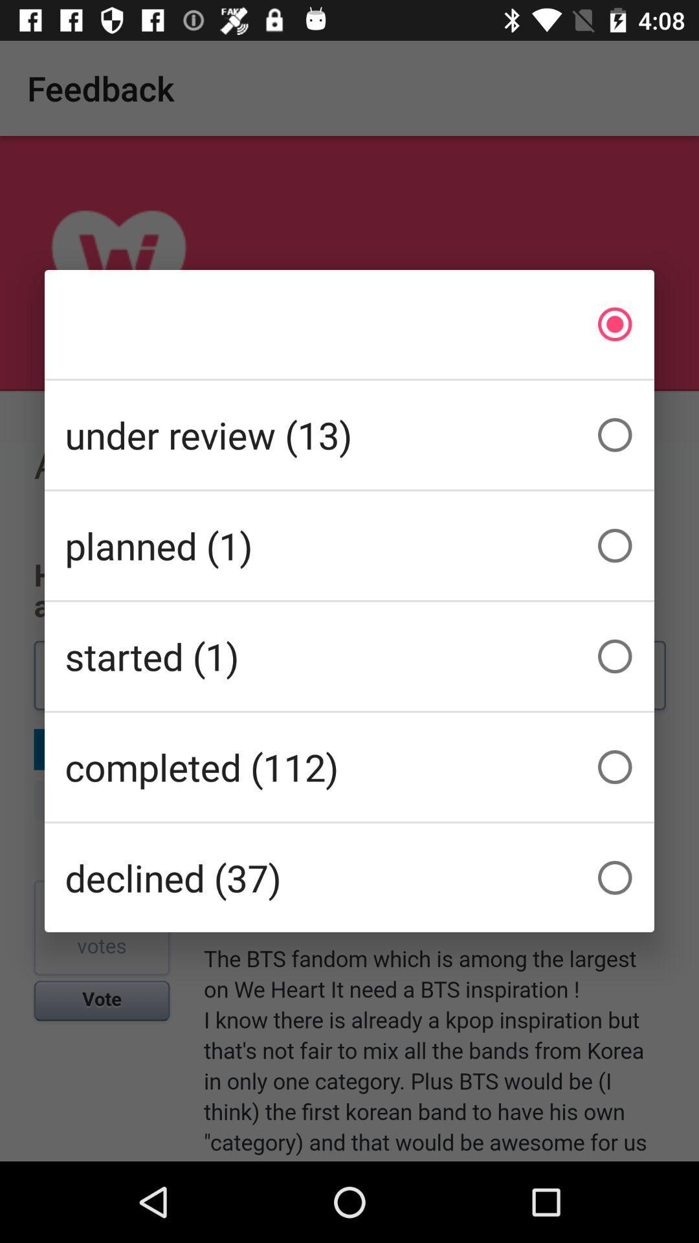 This screenshot has height=1243, width=699. I want to click on the item above the planned (1) item, so click(349, 435).